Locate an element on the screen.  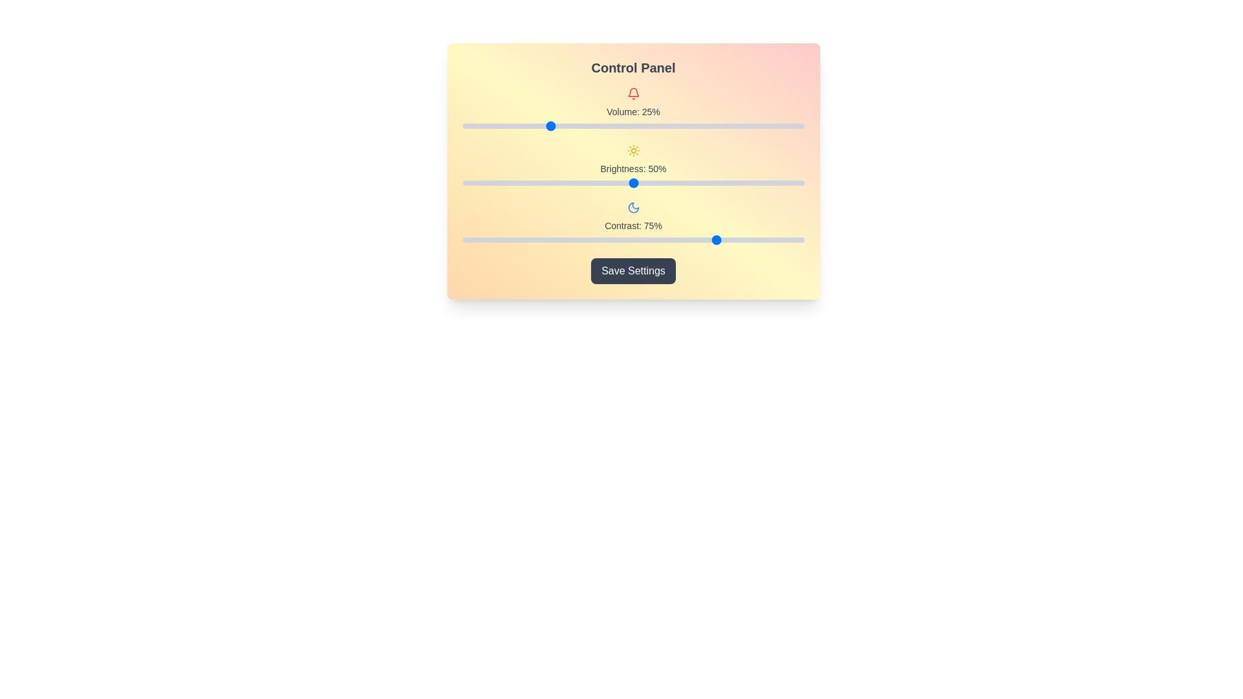
the volume is located at coordinates (640, 126).